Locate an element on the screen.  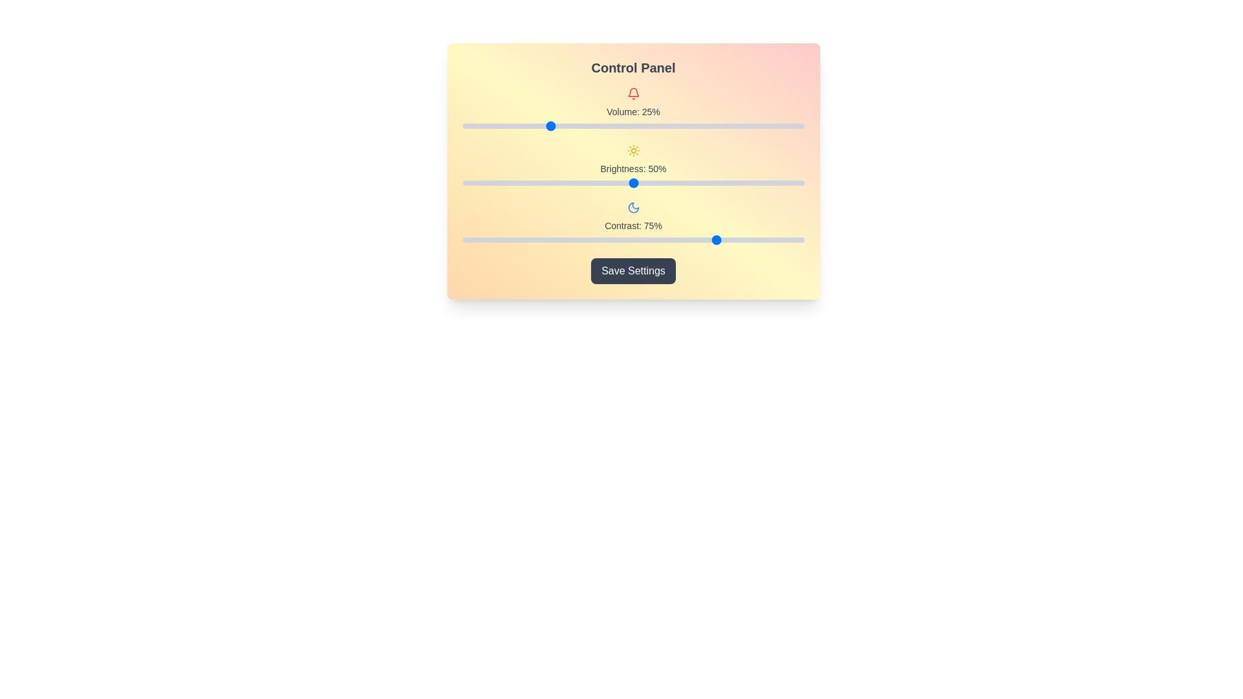
the volume is located at coordinates (640, 126).